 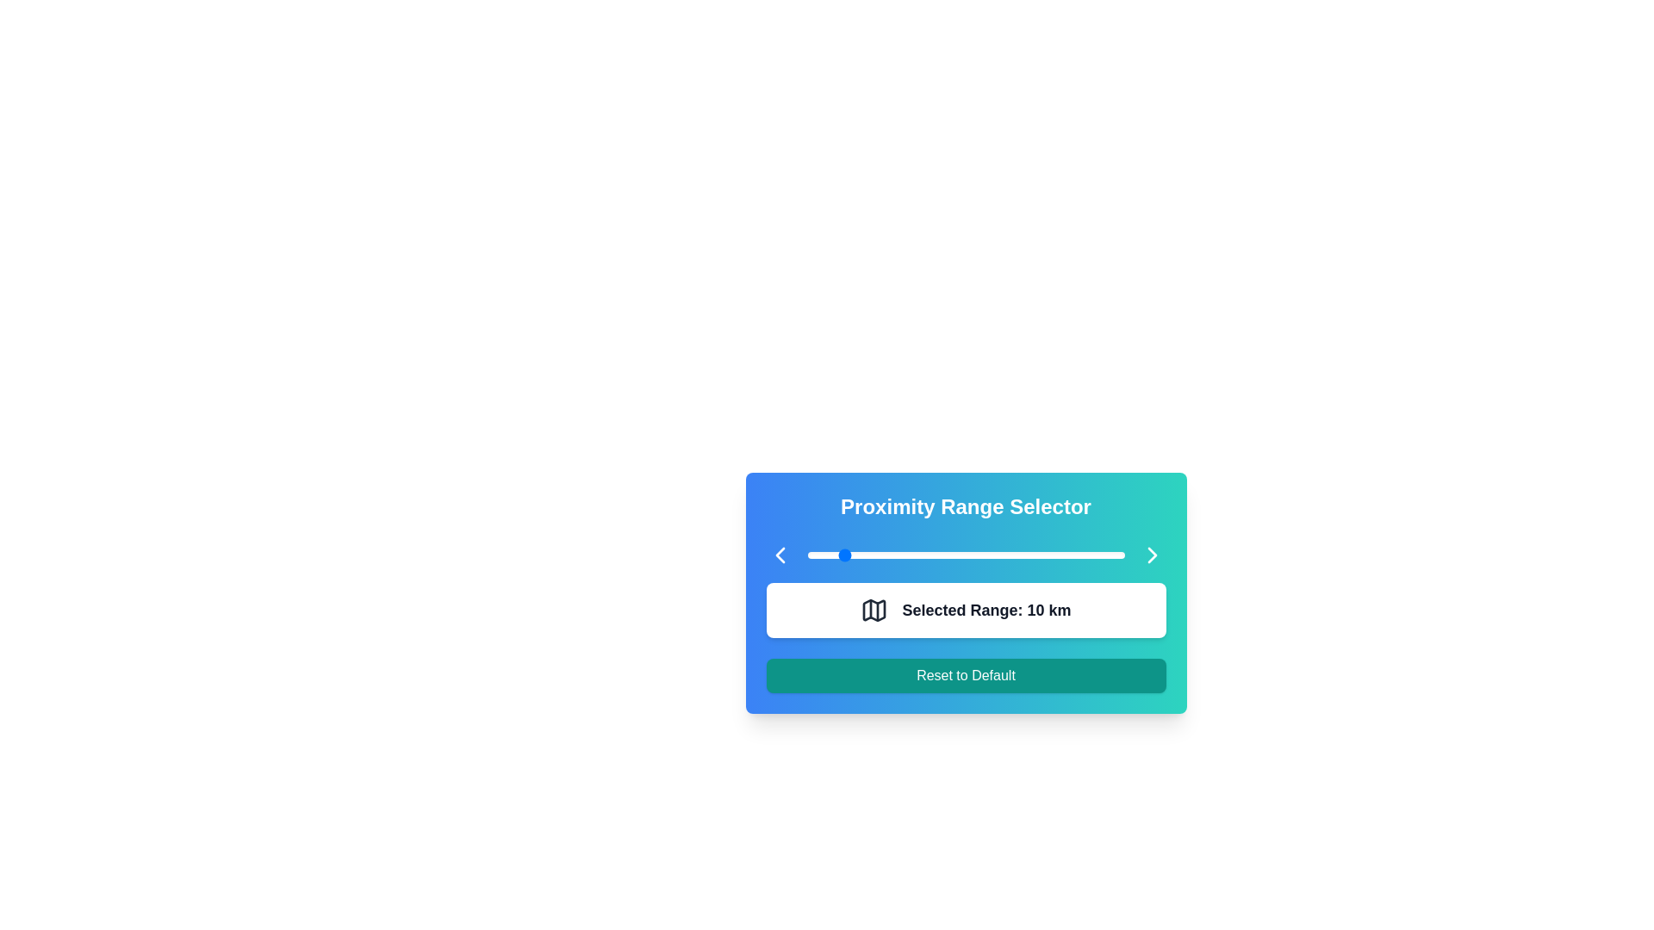 What do you see at coordinates (979, 555) in the screenshot?
I see `the proximity range` at bounding box center [979, 555].